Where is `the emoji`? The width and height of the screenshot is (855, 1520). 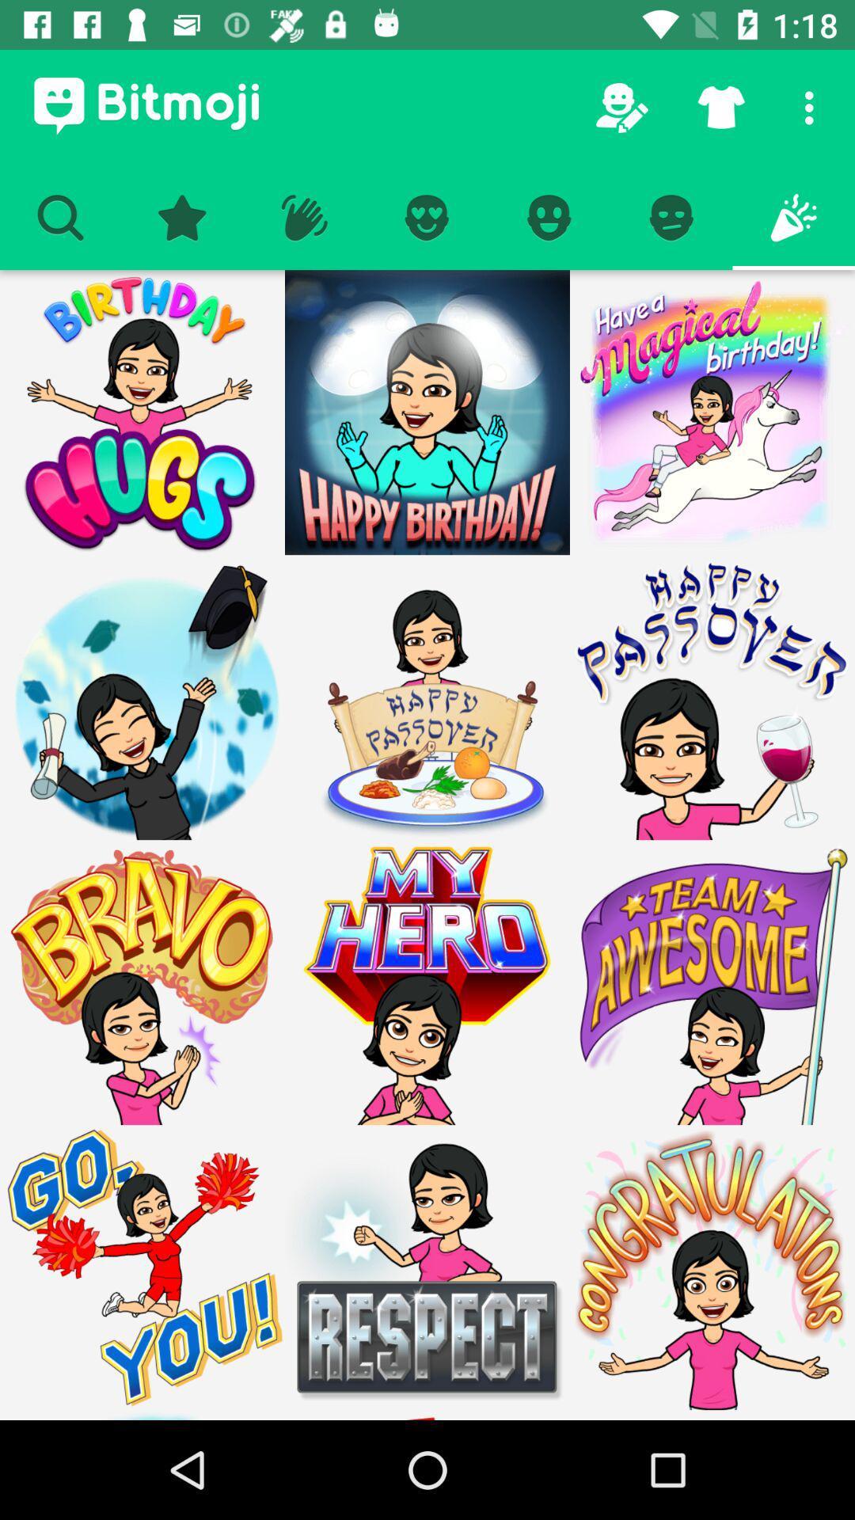
the emoji is located at coordinates (711, 982).